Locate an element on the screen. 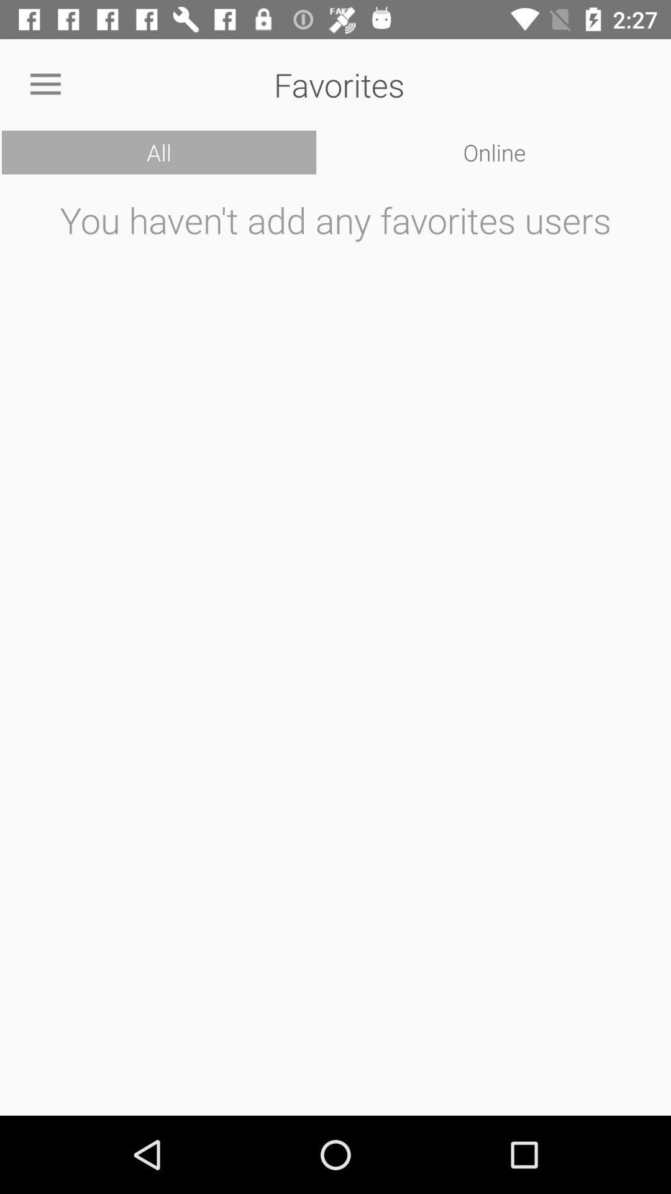 Image resolution: width=671 pixels, height=1194 pixels. the icon next to the all icon is located at coordinates (494, 152).